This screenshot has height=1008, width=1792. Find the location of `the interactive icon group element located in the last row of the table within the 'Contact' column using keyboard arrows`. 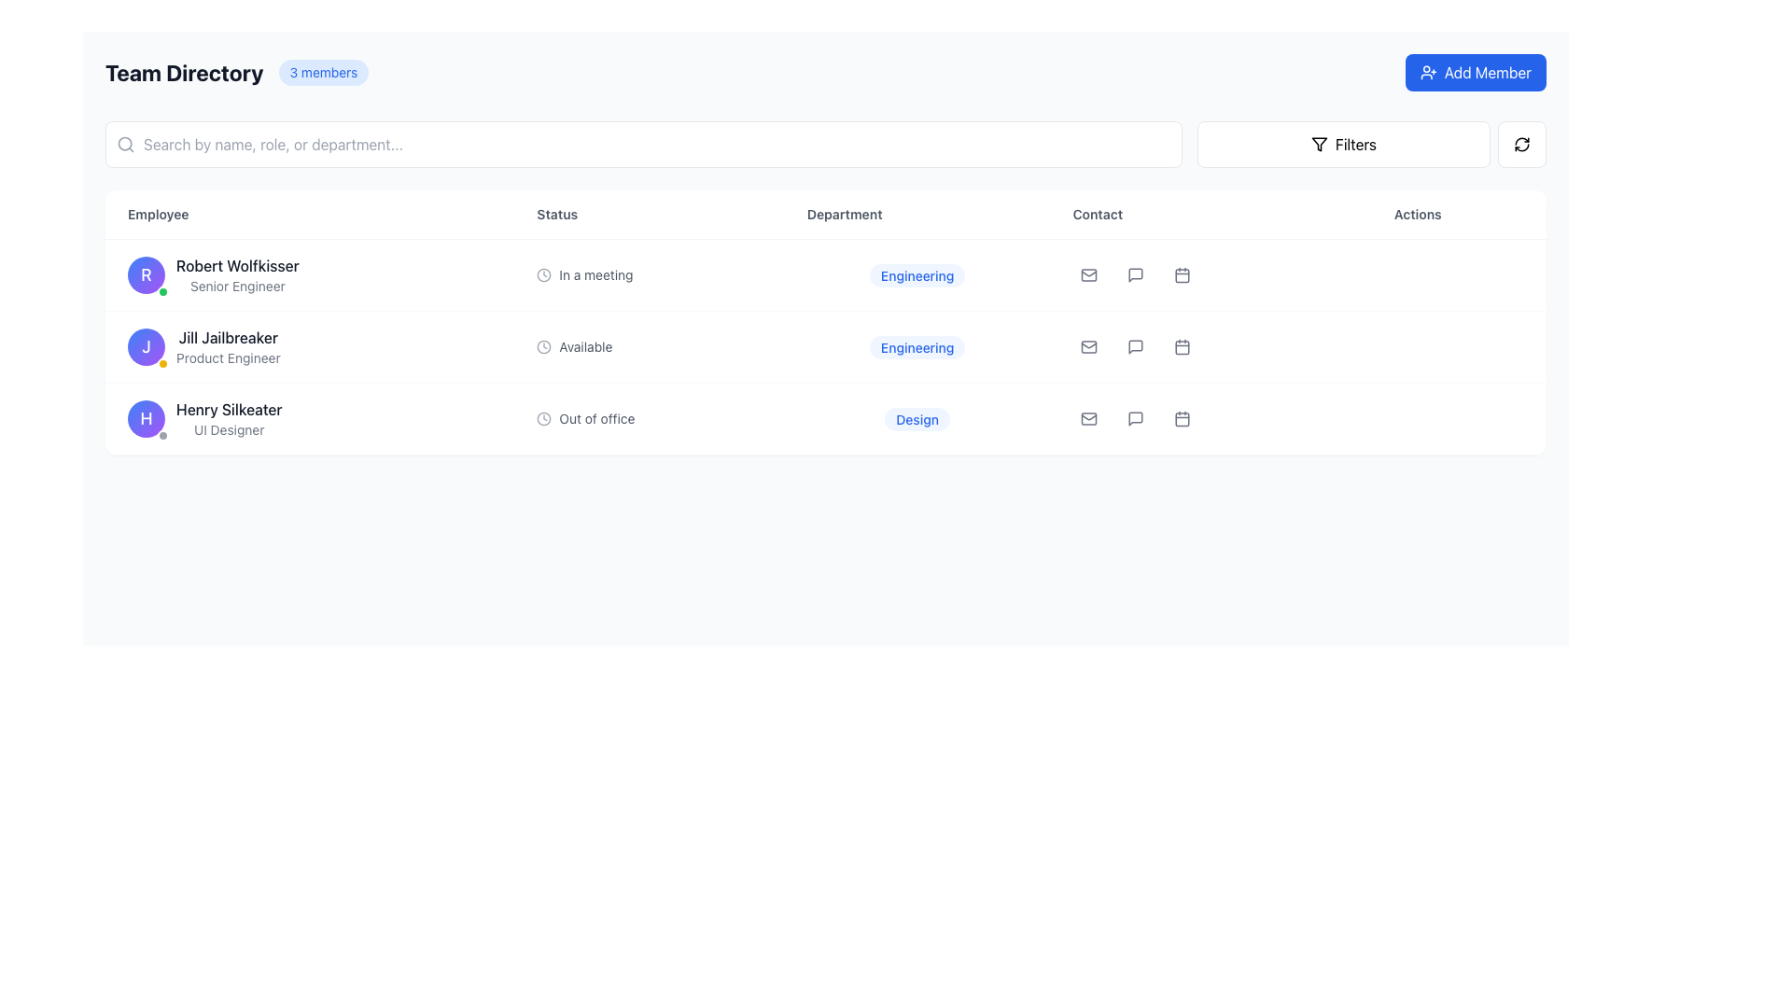

the interactive icon group element located in the last row of the table within the 'Contact' column using keyboard arrows is located at coordinates (1211, 417).